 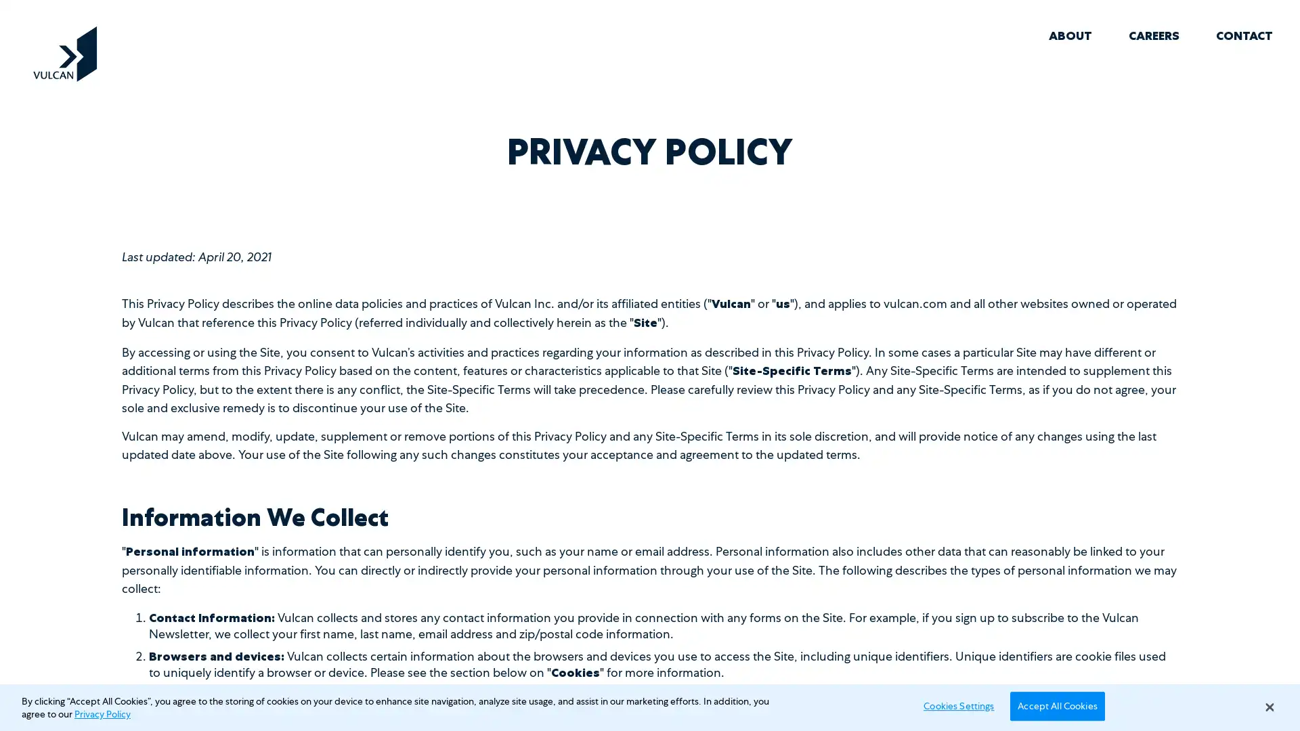 I want to click on Close Banner, so click(x=1268, y=707).